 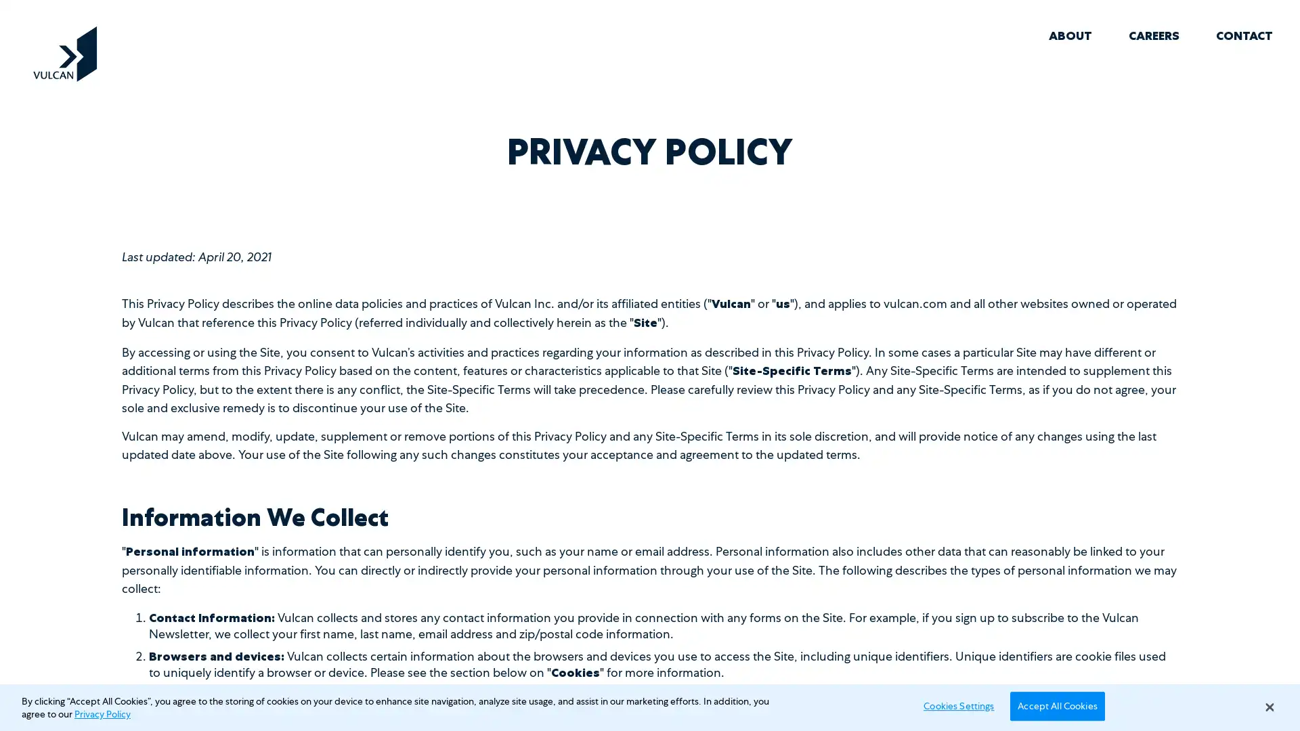 I want to click on Close Banner, so click(x=1268, y=707).